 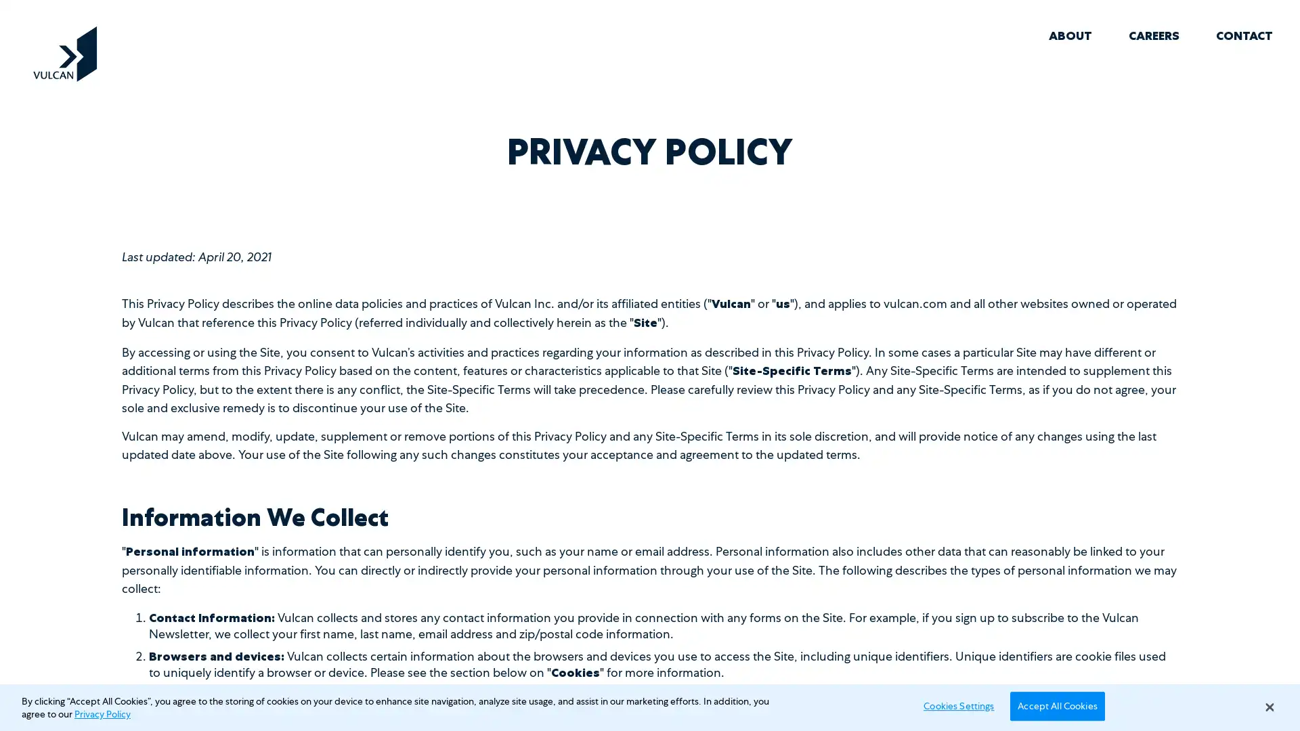 I want to click on Close Banner, so click(x=1268, y=707).